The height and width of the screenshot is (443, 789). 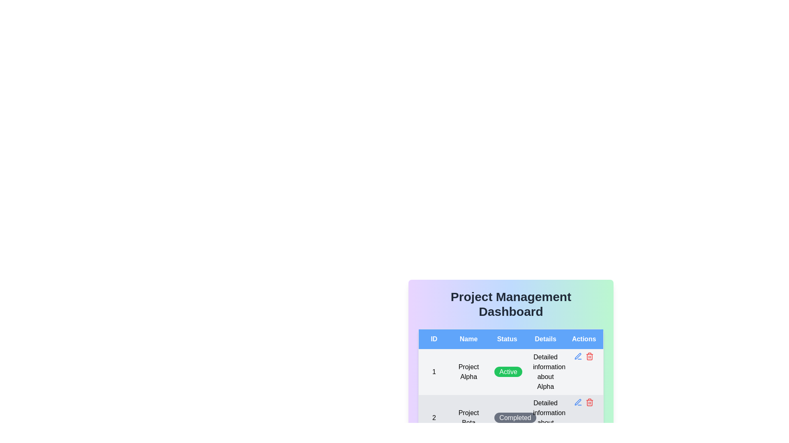 What do you see at coordinates (584, 402) in the screenshot?
I see `the interactive action group containing the pencil and trash can icons in the last column of the second row of the table for the project 'Project Beta'` at bounding box center [584, 402].